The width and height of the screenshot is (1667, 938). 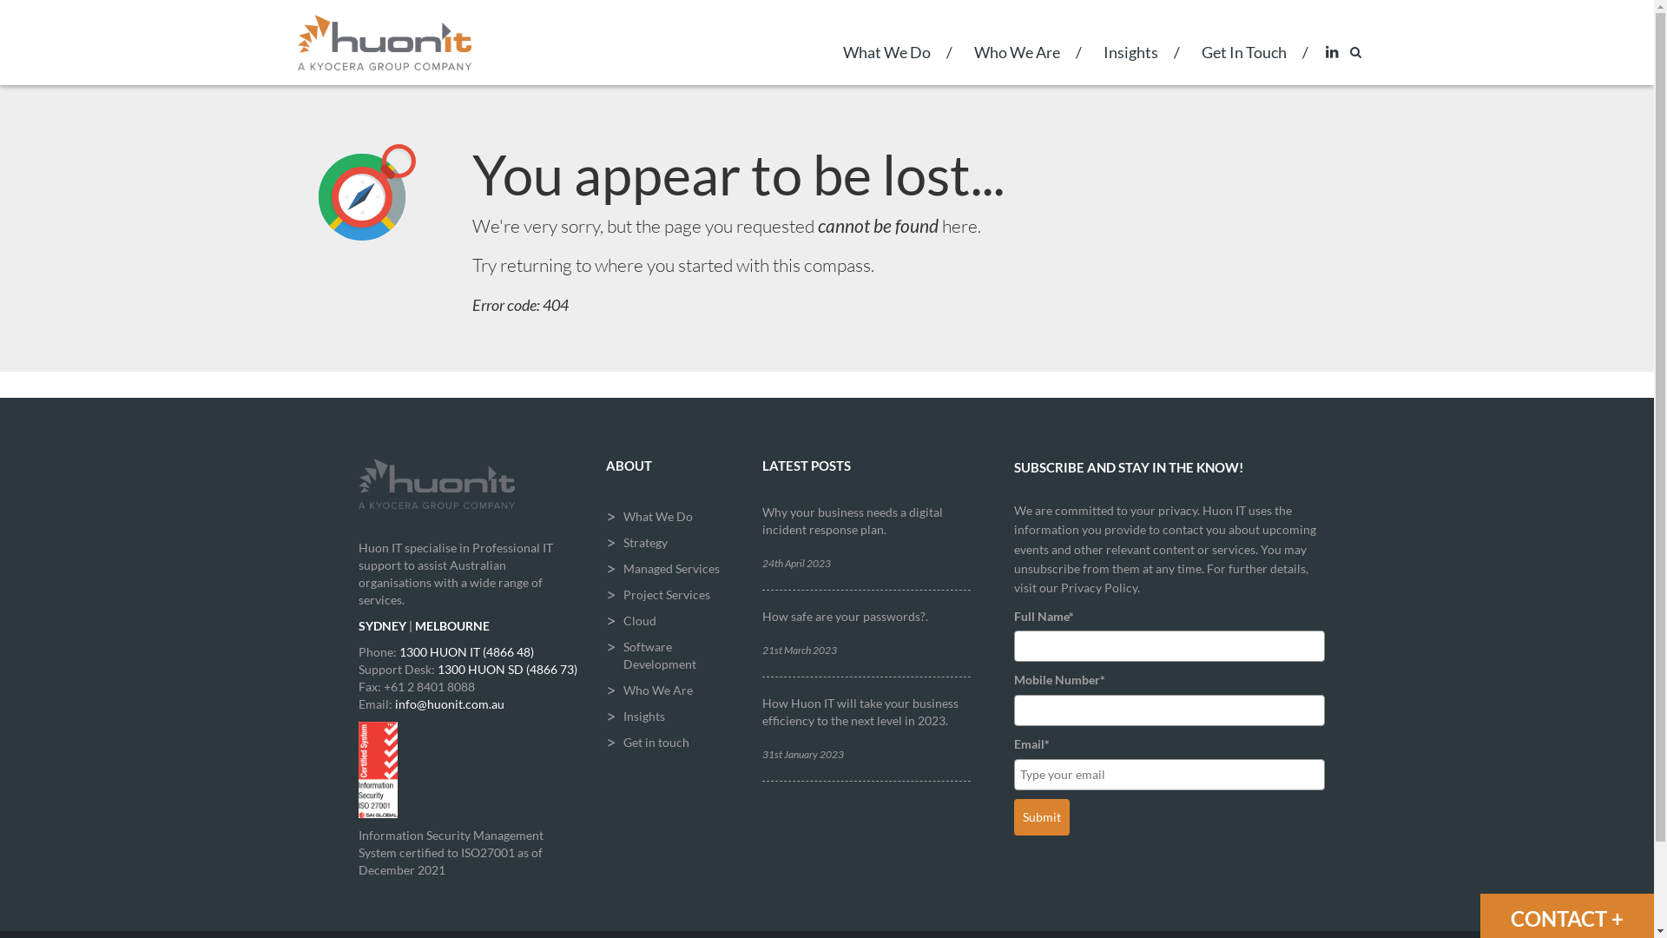 What do you see at coordinates (843, 615) in the screenshot?
I see `'How safe are your passwords?'` at bounding box center [843, 615].